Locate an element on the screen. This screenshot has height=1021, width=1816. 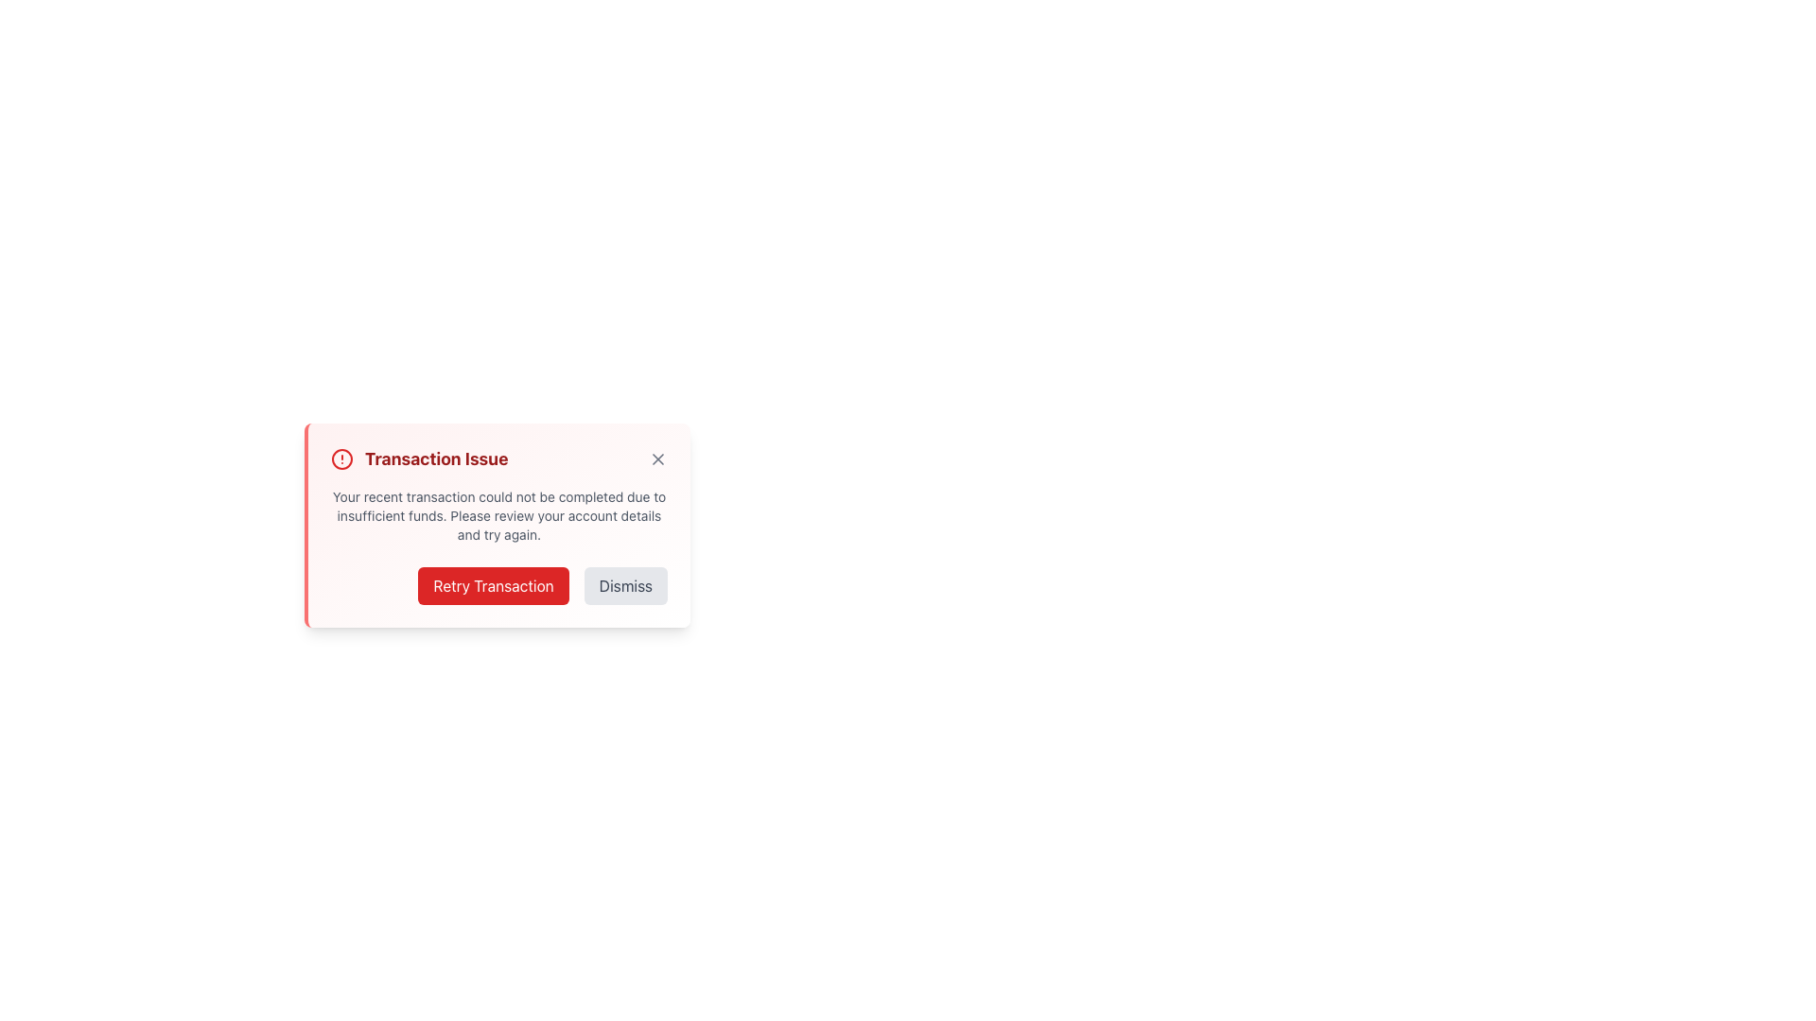
the circular SVG shape that serves as a decorative warning indicator located to the left of the 'Transaction Issue' heading in the modal dialog box is located at coordinates (341, 459).